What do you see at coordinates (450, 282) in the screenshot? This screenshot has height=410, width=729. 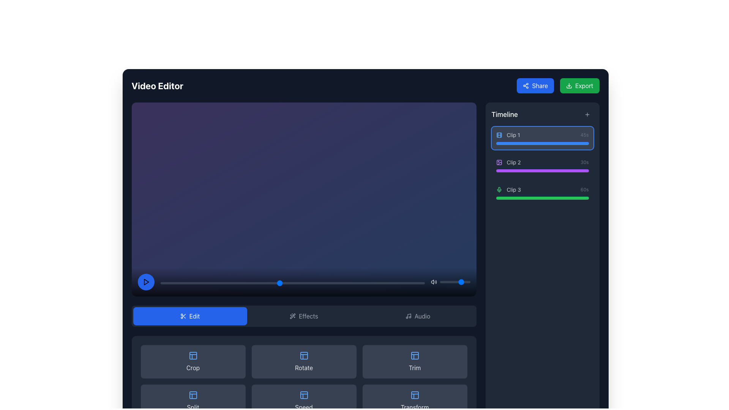 I see `the slider` at bounding box center [450, 282].